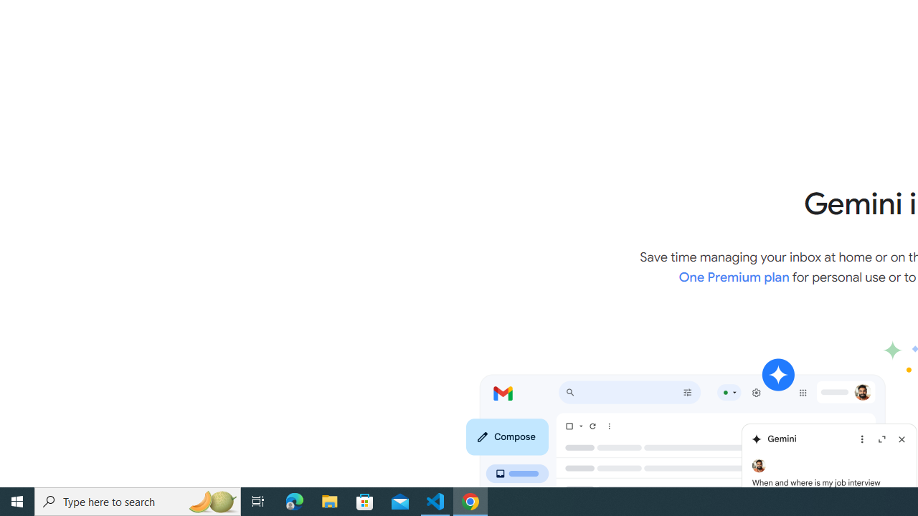 The height and width of the screenshot is (516, 918). Describe the element at coordinates (435, 500) in the screenshot. I see `'Visual Studio Code - 1 running window'` at that location.